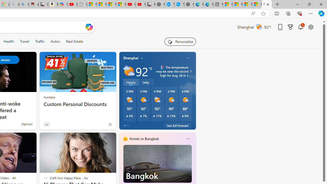  I want to click on 'amazon - Search - Sleeping', so click(14, 4).